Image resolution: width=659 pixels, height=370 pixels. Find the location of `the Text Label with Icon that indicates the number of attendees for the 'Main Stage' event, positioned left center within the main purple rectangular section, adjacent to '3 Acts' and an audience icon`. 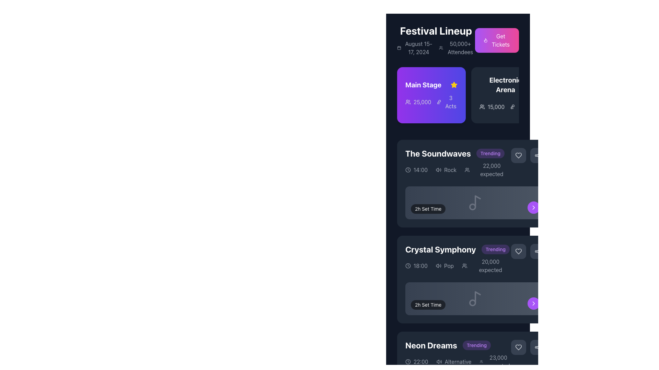

the Text Label with Icon that indicates the number of attendees for the 'Main Stage' event, positioned left center within the main purple rectangular section, adjacent to '3 Acts' and an audience icon is located at coordinates (418, 102).